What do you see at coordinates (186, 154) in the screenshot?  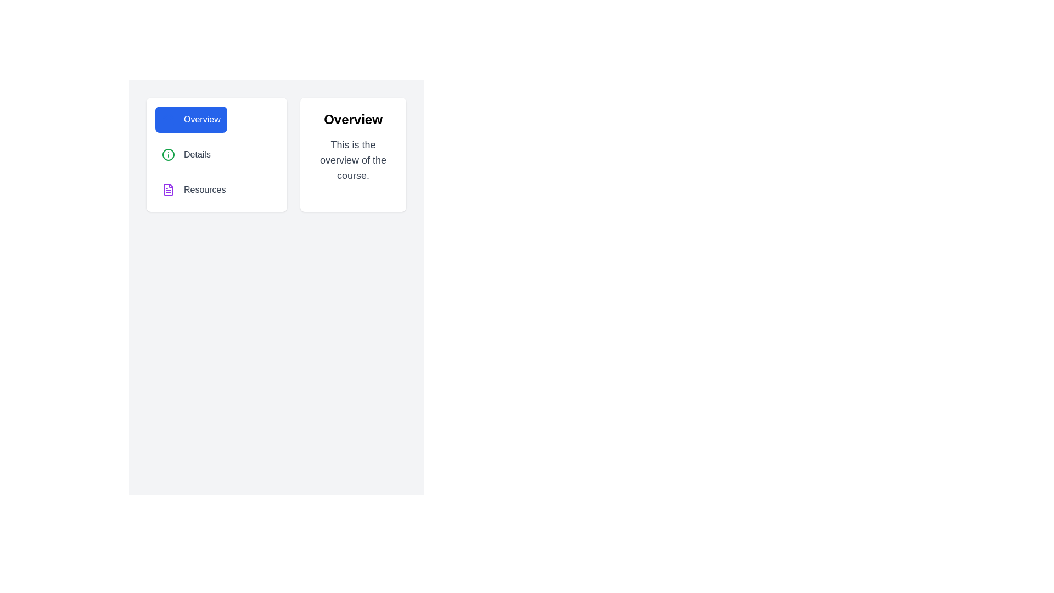 I see `the navigation button located below the 'Overview' option and above the 'Resources' option` at bounding box center [186, 154].